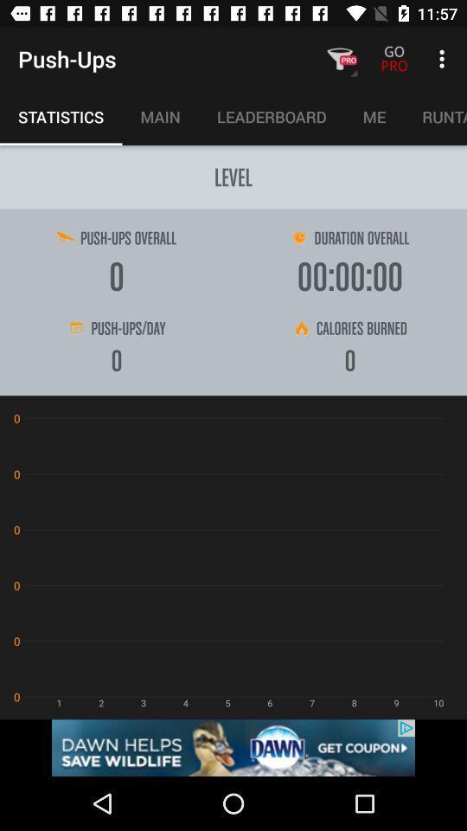 This screenshot has height=831, width=467. Describe the element at coordinates (233, 747) in the screenshot. I see `advert banner` at that location.